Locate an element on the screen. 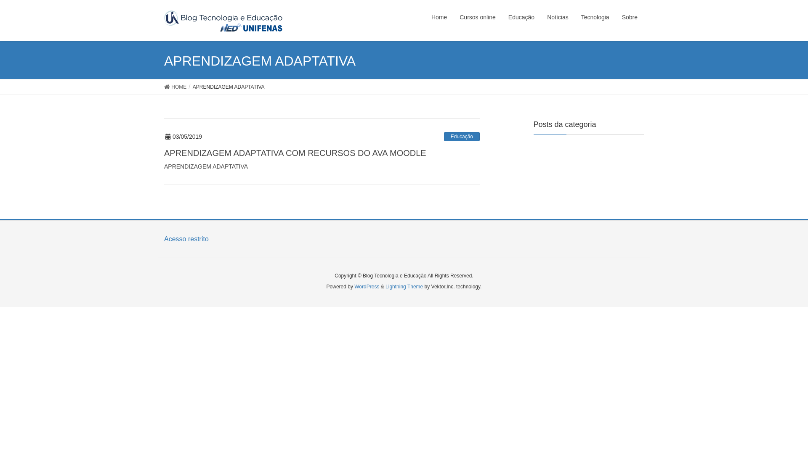 The image size is (808, 454). 'APRENDIZAGEM ADAPTATIVA COM RECURSOS DO AVA MOODLE' is located at coordinates (295, 153).